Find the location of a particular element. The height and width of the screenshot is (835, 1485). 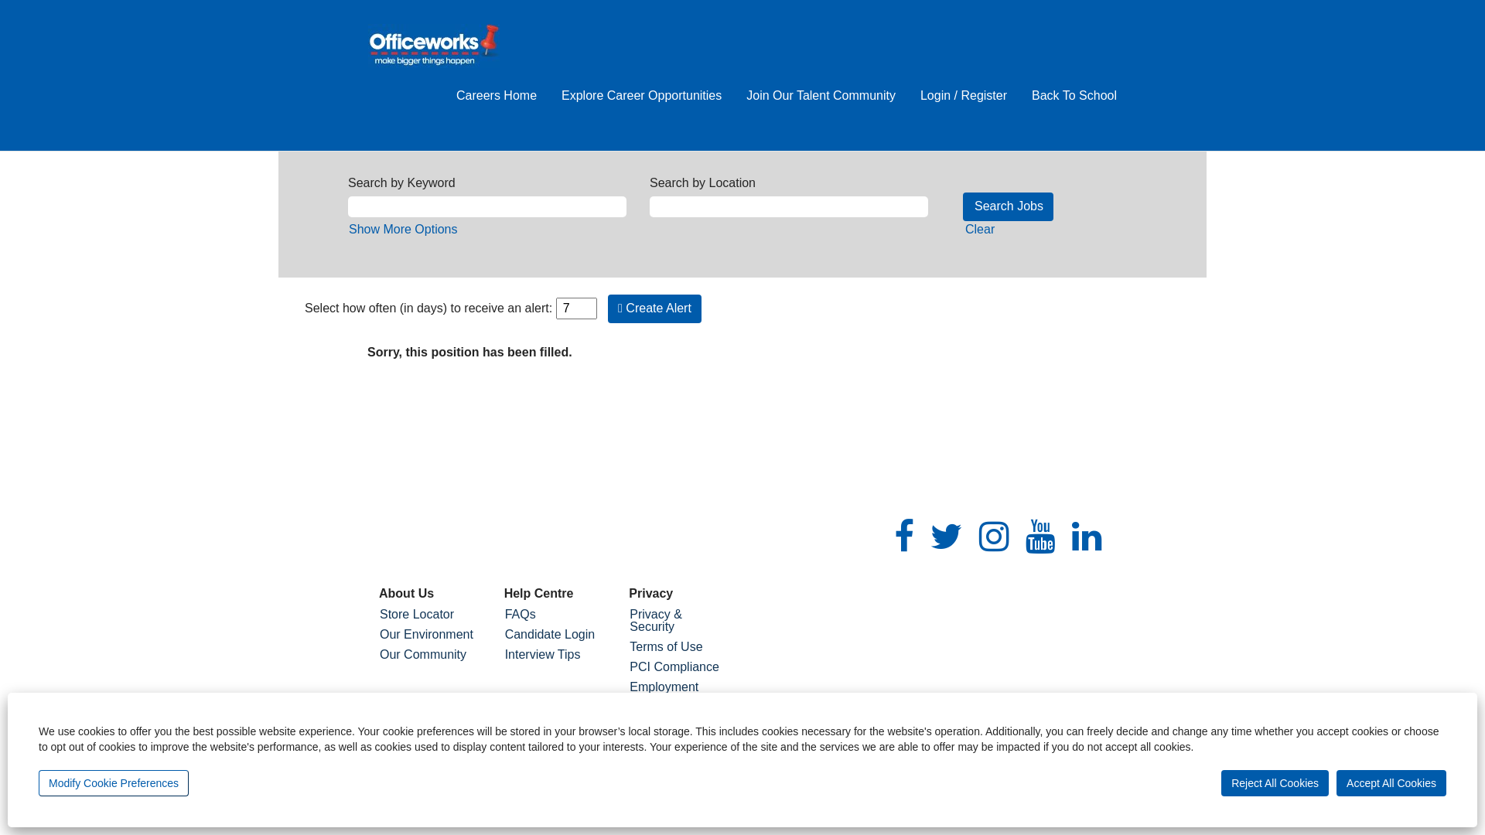

'Terms of Use' is located at coordinates (679, 647).